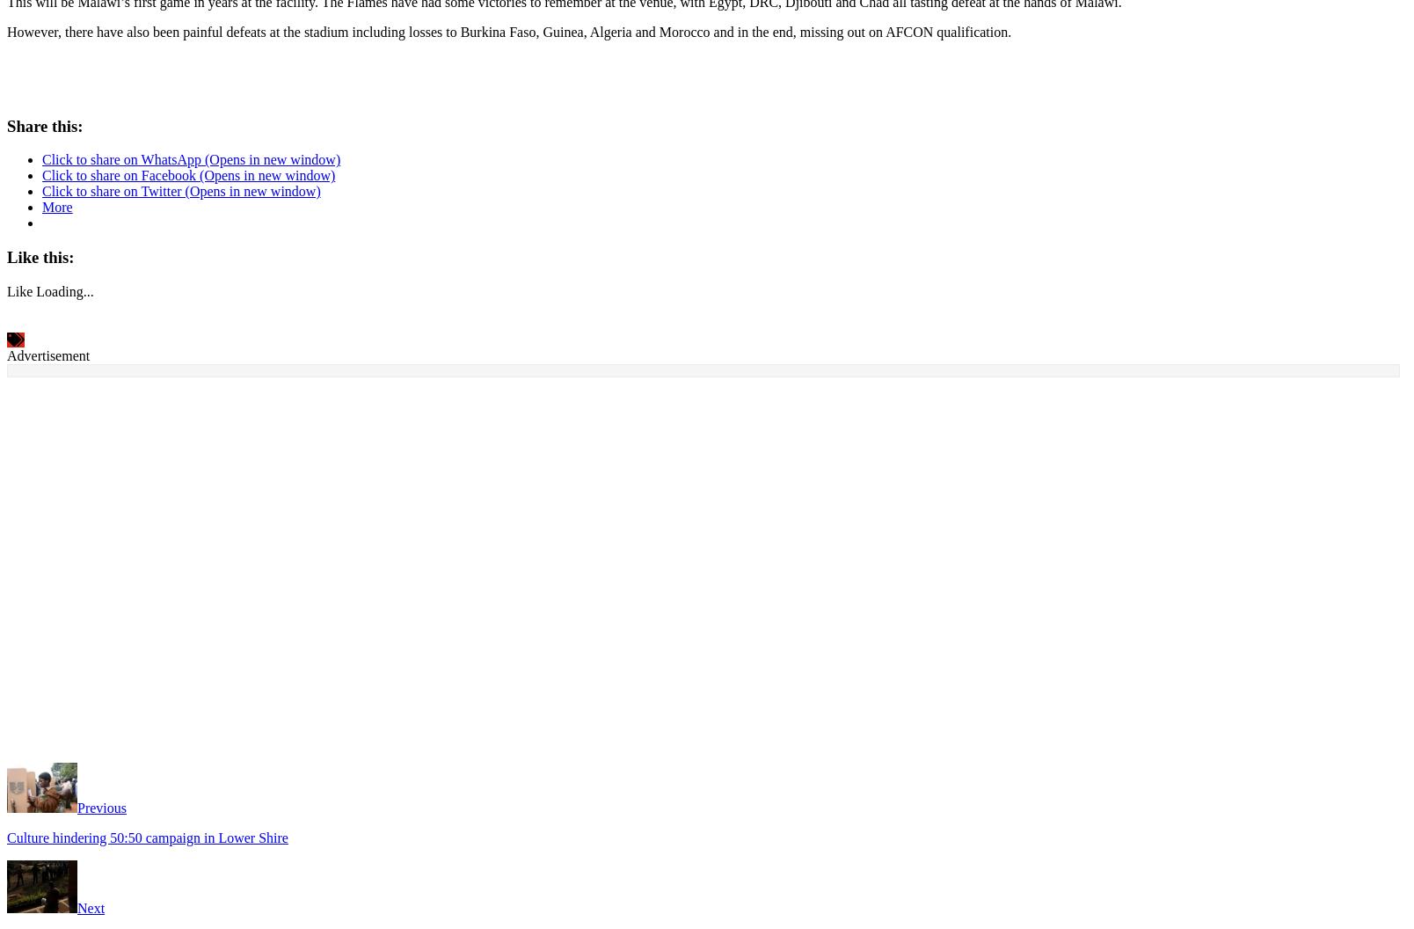  I want to click on 'Like', so click(6, 288).